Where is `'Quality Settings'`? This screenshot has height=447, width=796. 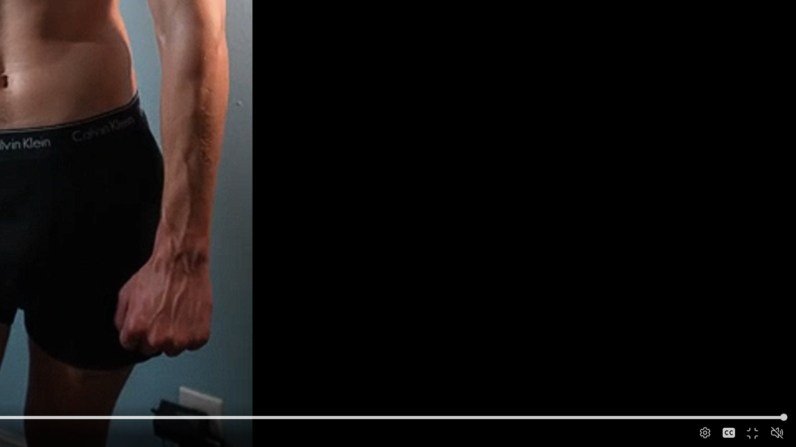
'Quality Settings' is located at coordinates (704, 432).